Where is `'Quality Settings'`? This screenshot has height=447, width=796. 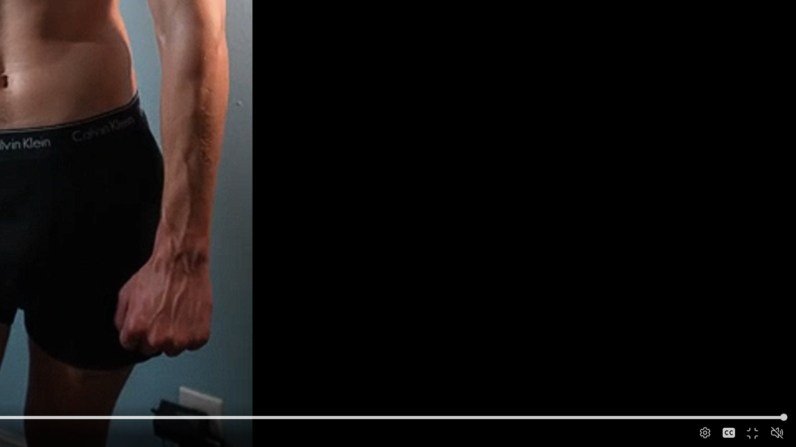
'Quality Settings' is located at coordinates (704, 432).